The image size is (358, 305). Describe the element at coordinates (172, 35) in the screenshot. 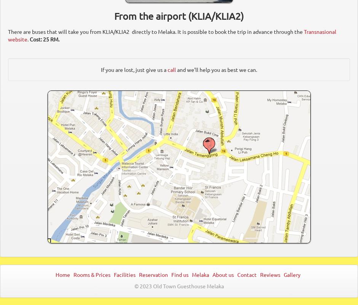

I see `'Transnasional website'` at that location.